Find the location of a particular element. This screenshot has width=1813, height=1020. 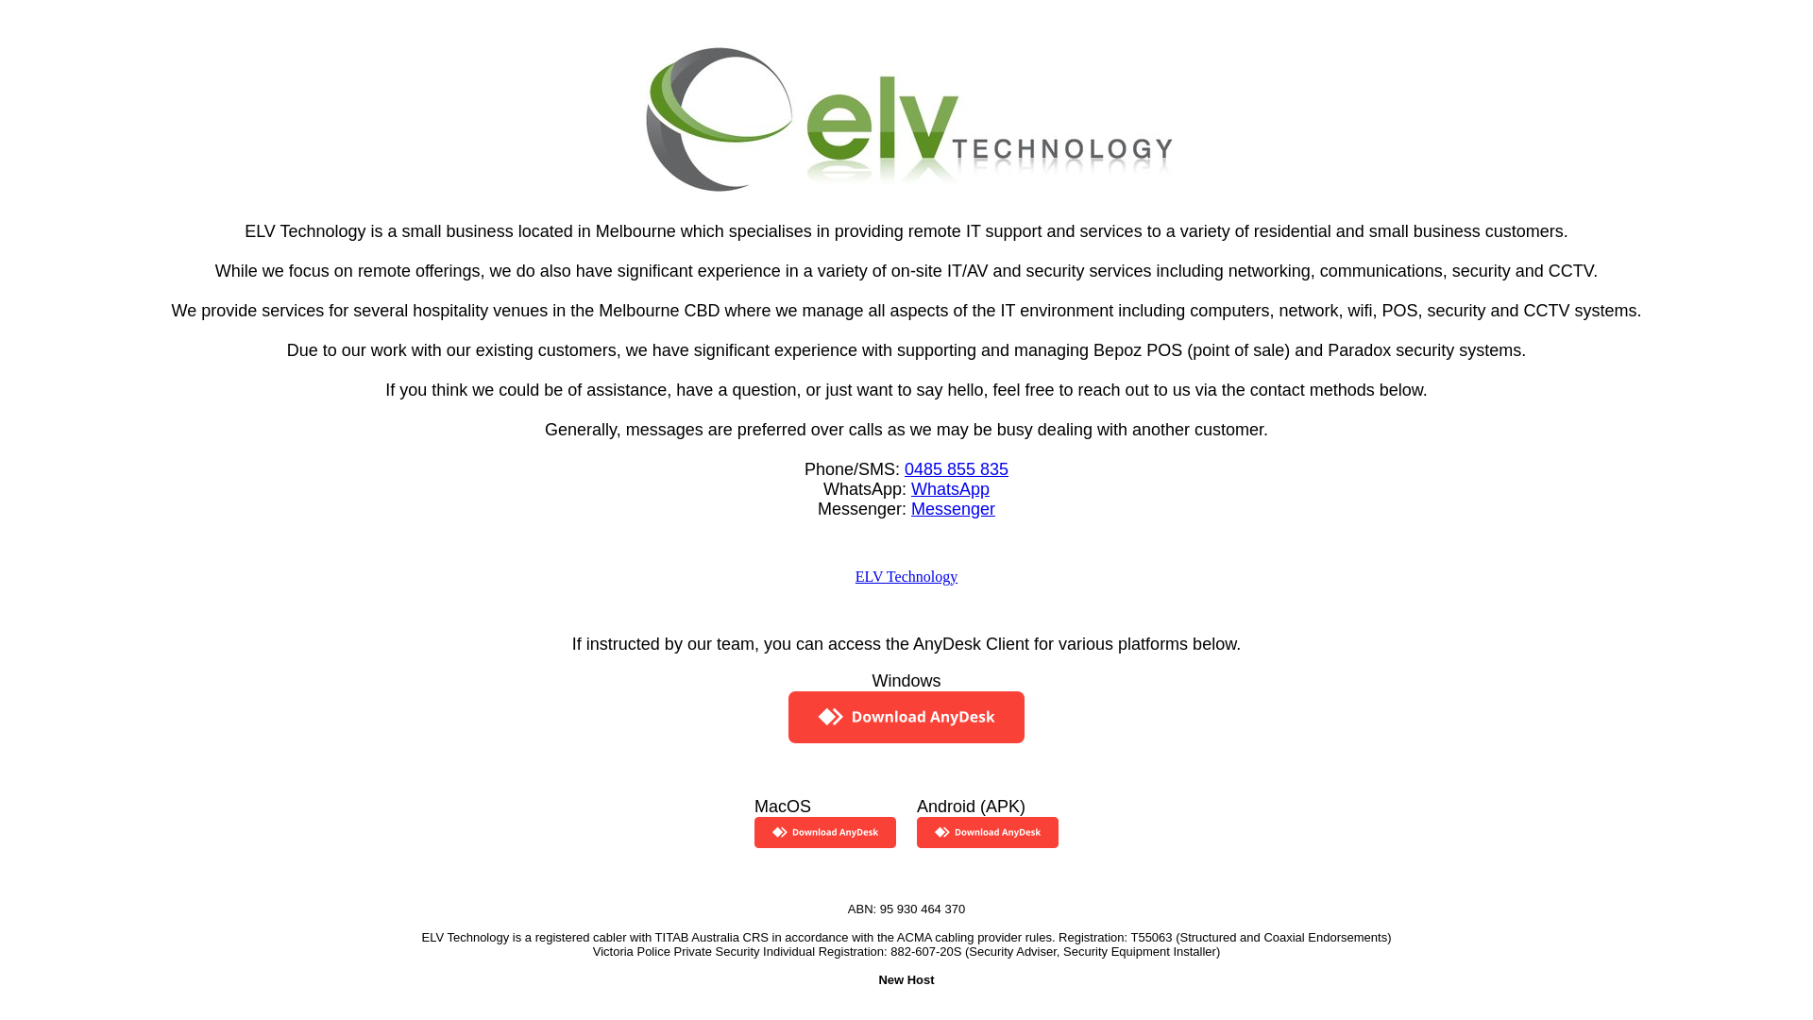

'0485 855 835' is located at coordinates (956, 467).